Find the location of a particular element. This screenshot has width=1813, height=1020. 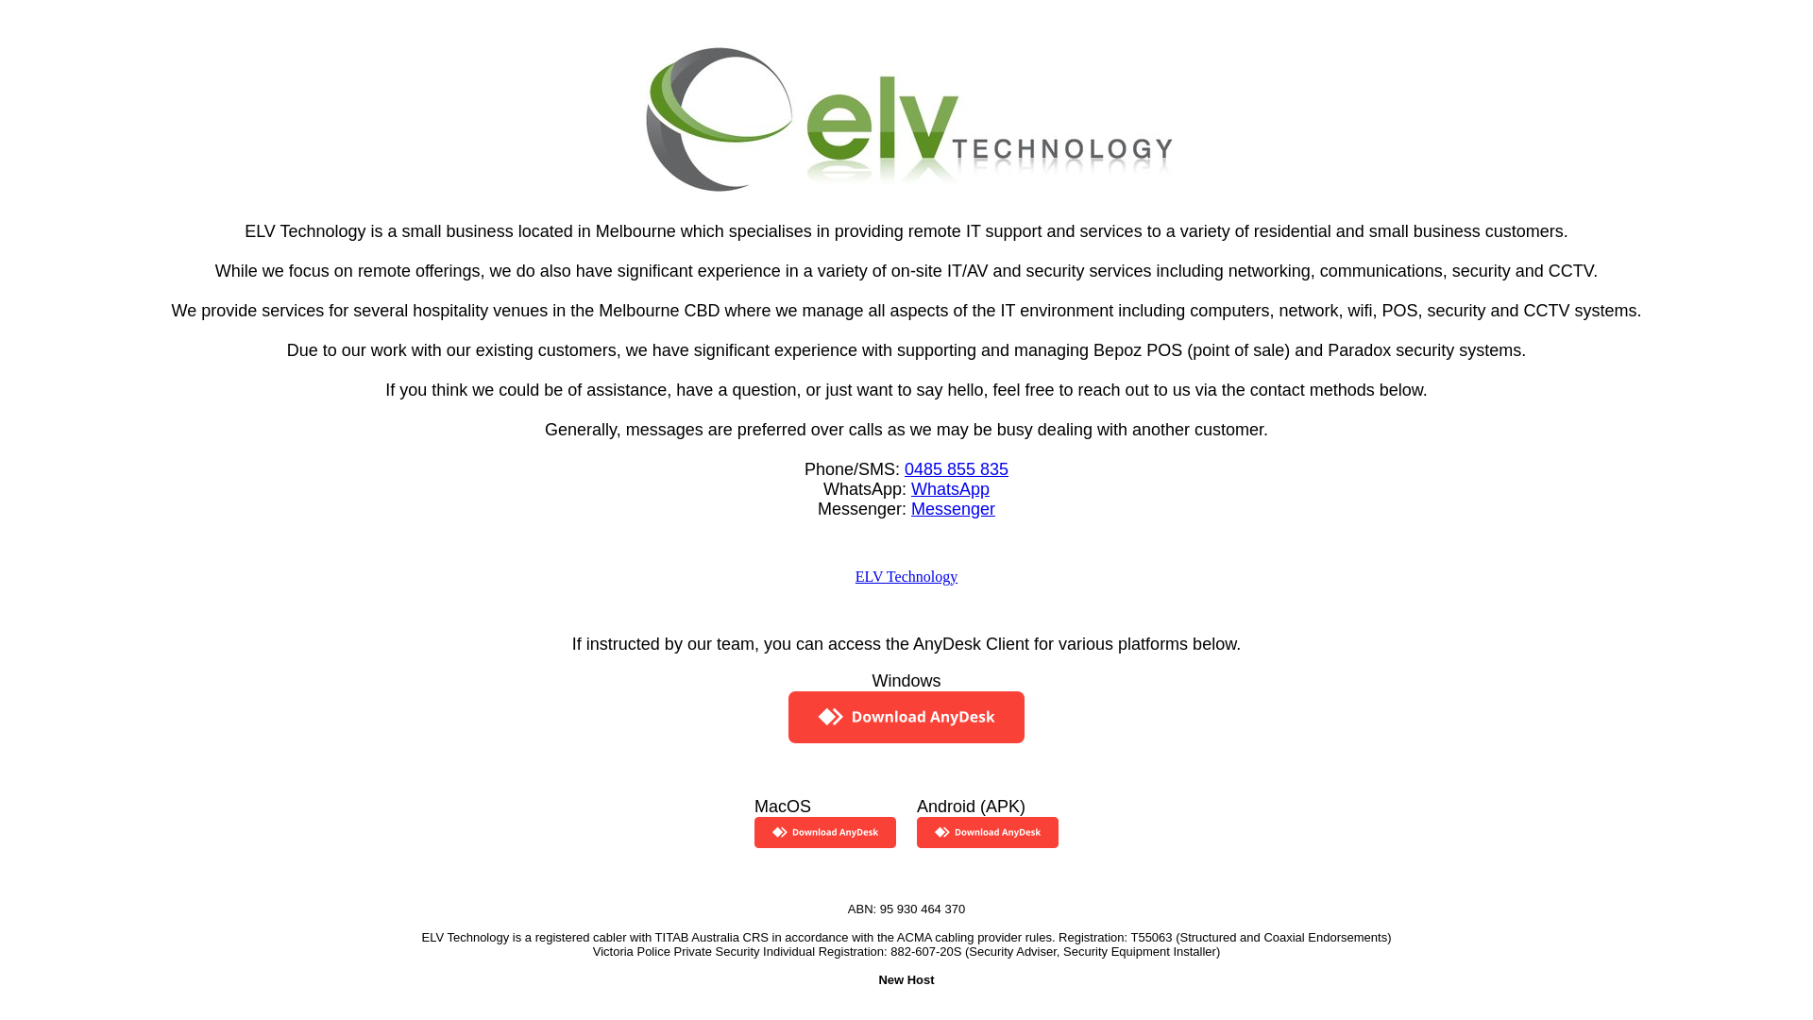

'0485 855 835' is located at coordinates (956, 467).